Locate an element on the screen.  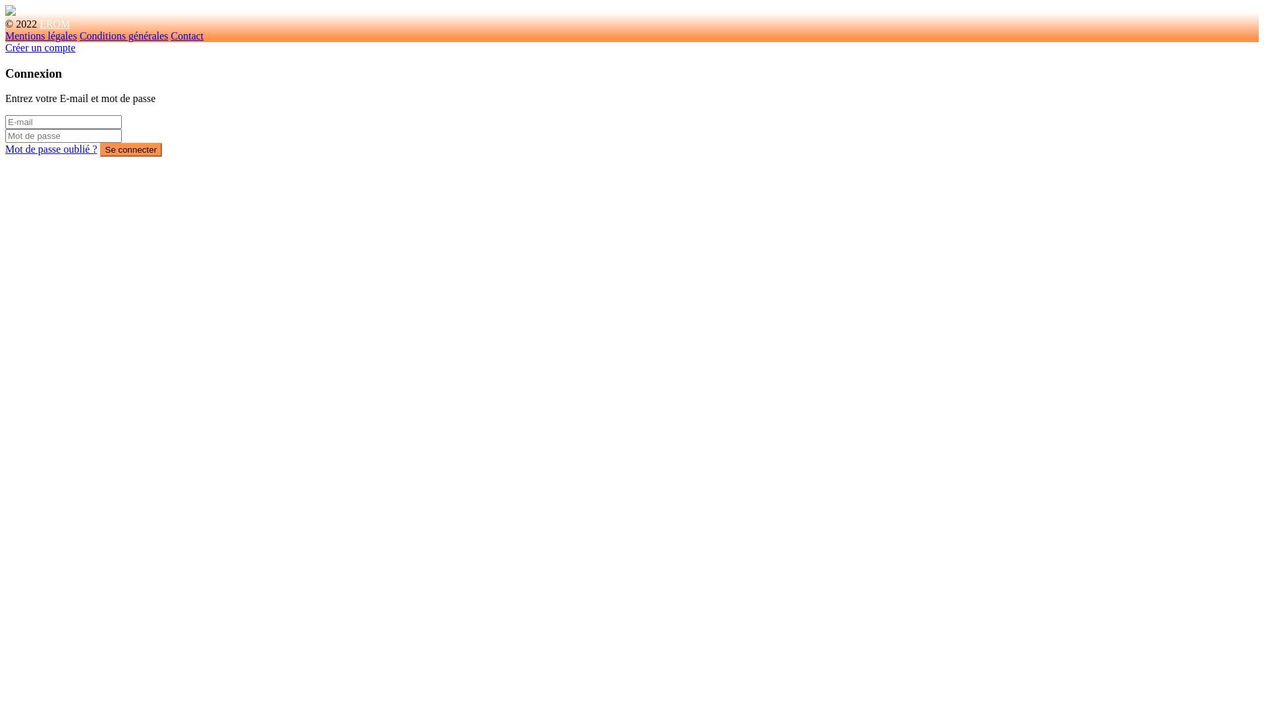
'EROM' is located at coordinates (53, 24).